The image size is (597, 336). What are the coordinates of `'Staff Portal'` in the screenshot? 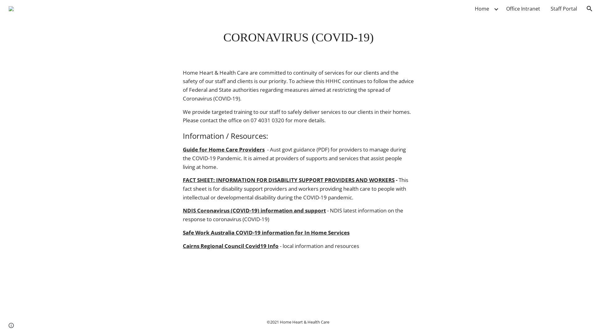 It's located at (564, 8).